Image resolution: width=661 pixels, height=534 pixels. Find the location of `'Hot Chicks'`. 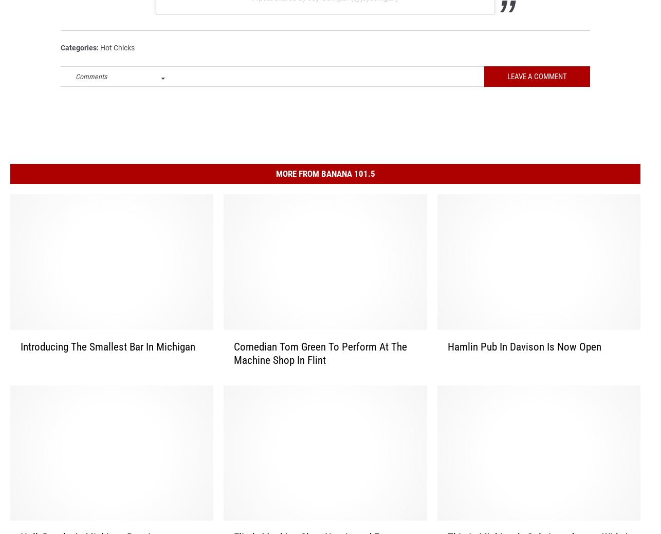

'Hot Chicks' is located at coordinates (117, 61).